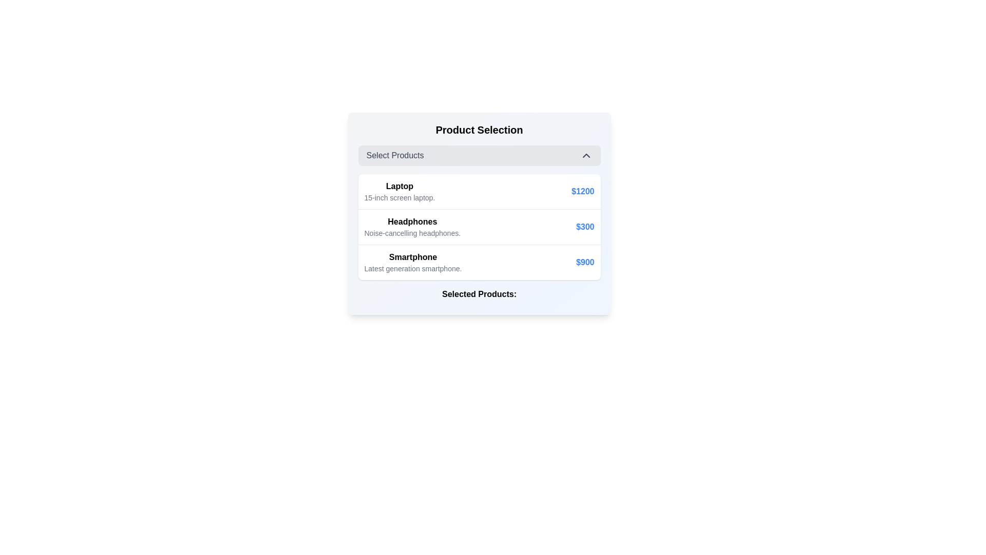 The image size is (986, 555). I want to click on the List item displaying 'Headphones' with the description 'Noise-cancelling headphones.' and price '$300', so click(479, 226).